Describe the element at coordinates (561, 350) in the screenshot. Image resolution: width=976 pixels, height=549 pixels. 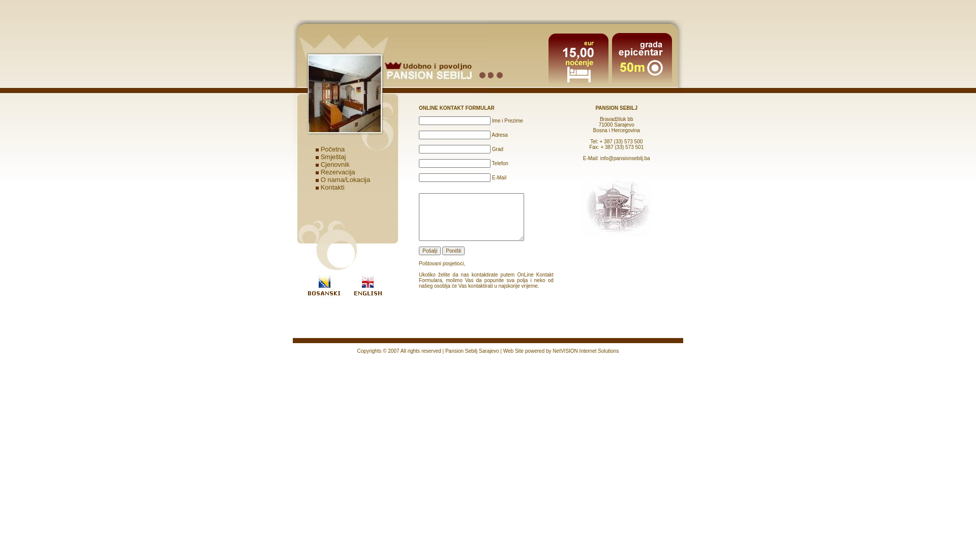
I see `'Web Site powered by NetVISION Internet Solutions'` at that location.